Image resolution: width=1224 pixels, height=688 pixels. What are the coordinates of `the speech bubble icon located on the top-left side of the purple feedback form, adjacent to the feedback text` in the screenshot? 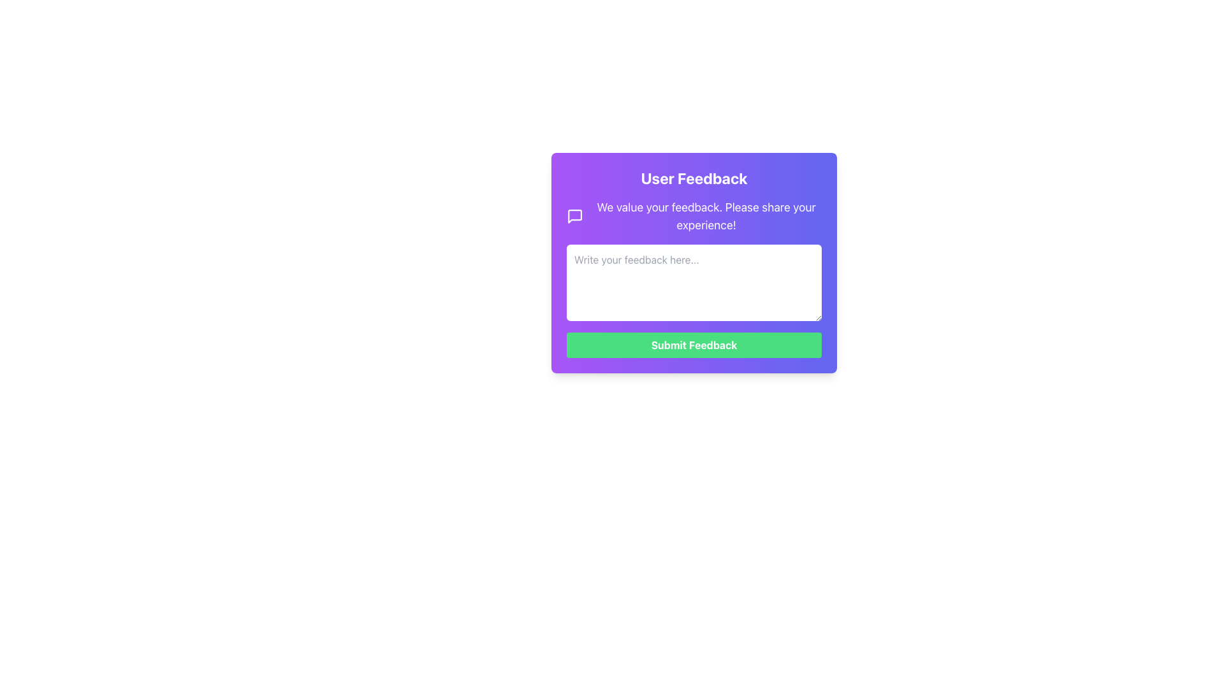 It's located at (574, 215).